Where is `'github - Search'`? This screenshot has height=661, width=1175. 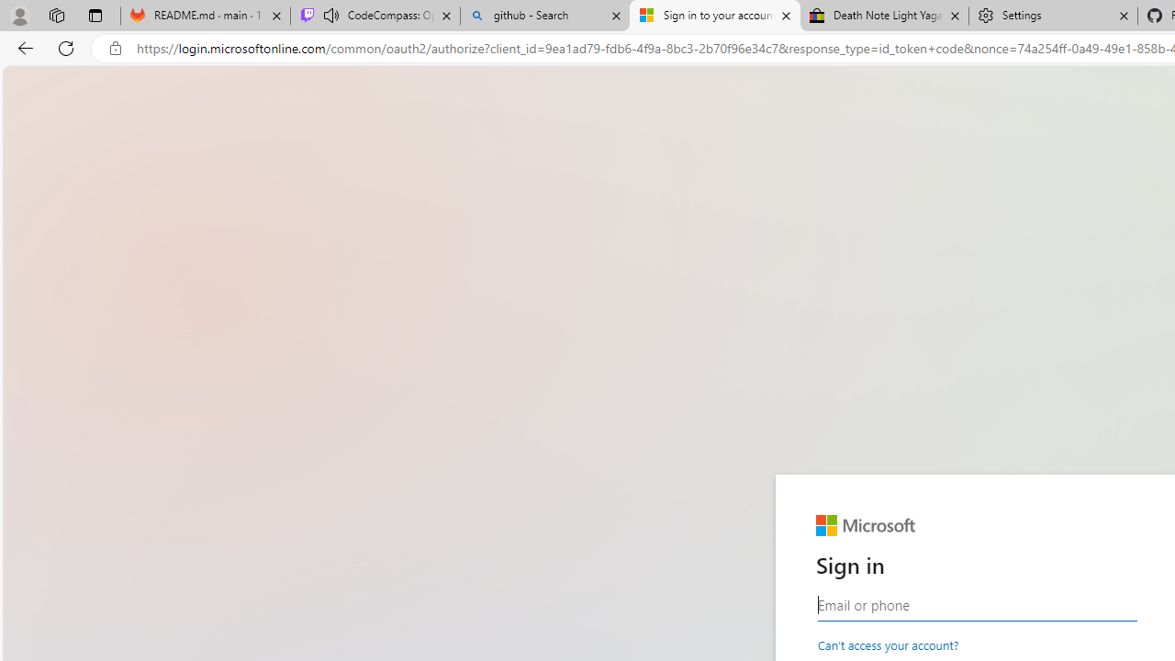
'github - Search' is located at coordinates (543, 16).